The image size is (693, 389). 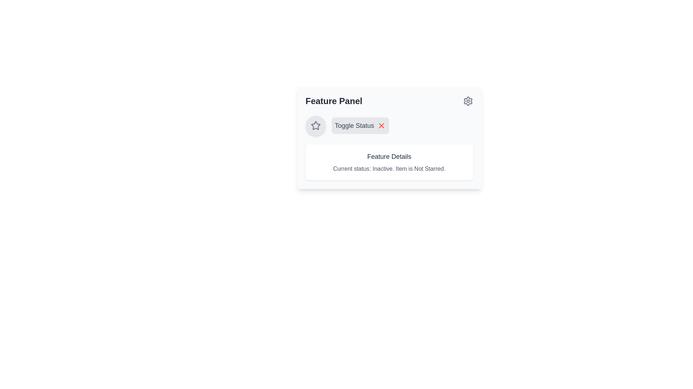 I want to click on the circular button with a gray background and gray star icon, so click(x=315, y=125).